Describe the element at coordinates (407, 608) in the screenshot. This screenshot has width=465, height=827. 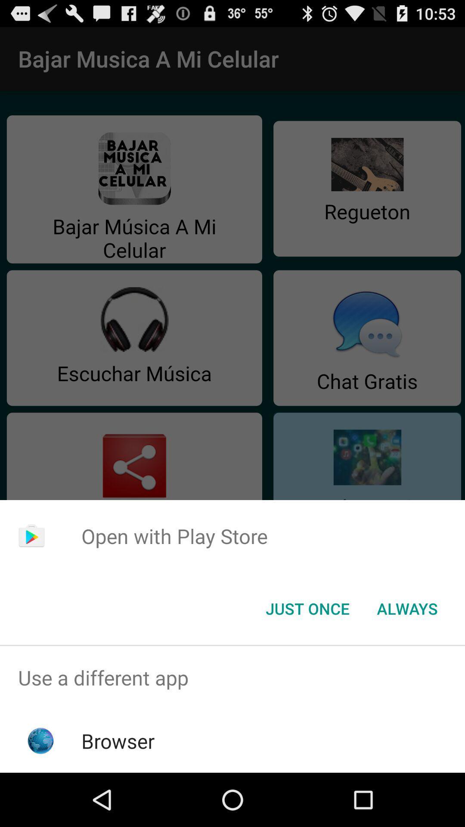
I see `the item at the bottom right corner` at that location.